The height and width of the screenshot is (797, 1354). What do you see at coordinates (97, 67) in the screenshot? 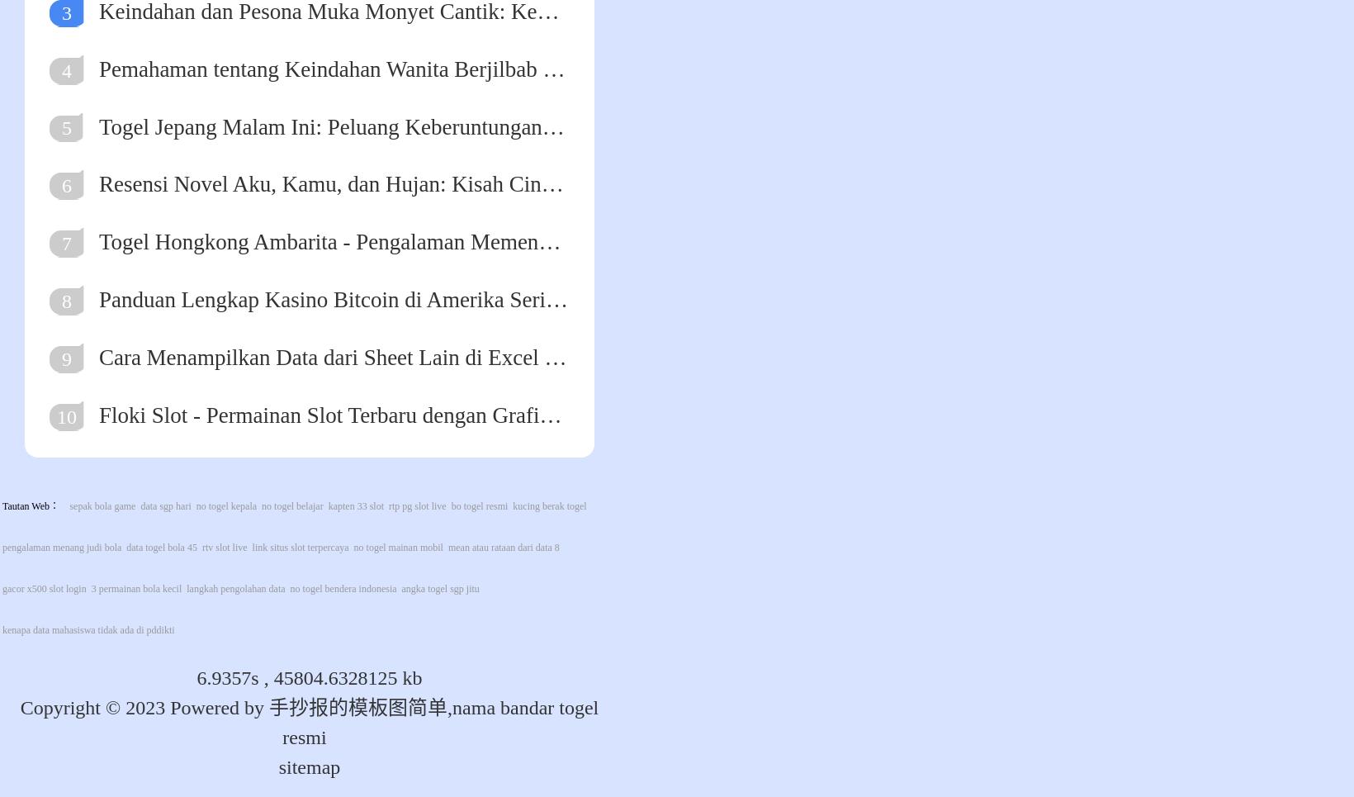
I see `'Pemahaman tentang Keindahan Wanita Berjilbab dalam Budaya Indonesia'` at bounding box center [97, 67].